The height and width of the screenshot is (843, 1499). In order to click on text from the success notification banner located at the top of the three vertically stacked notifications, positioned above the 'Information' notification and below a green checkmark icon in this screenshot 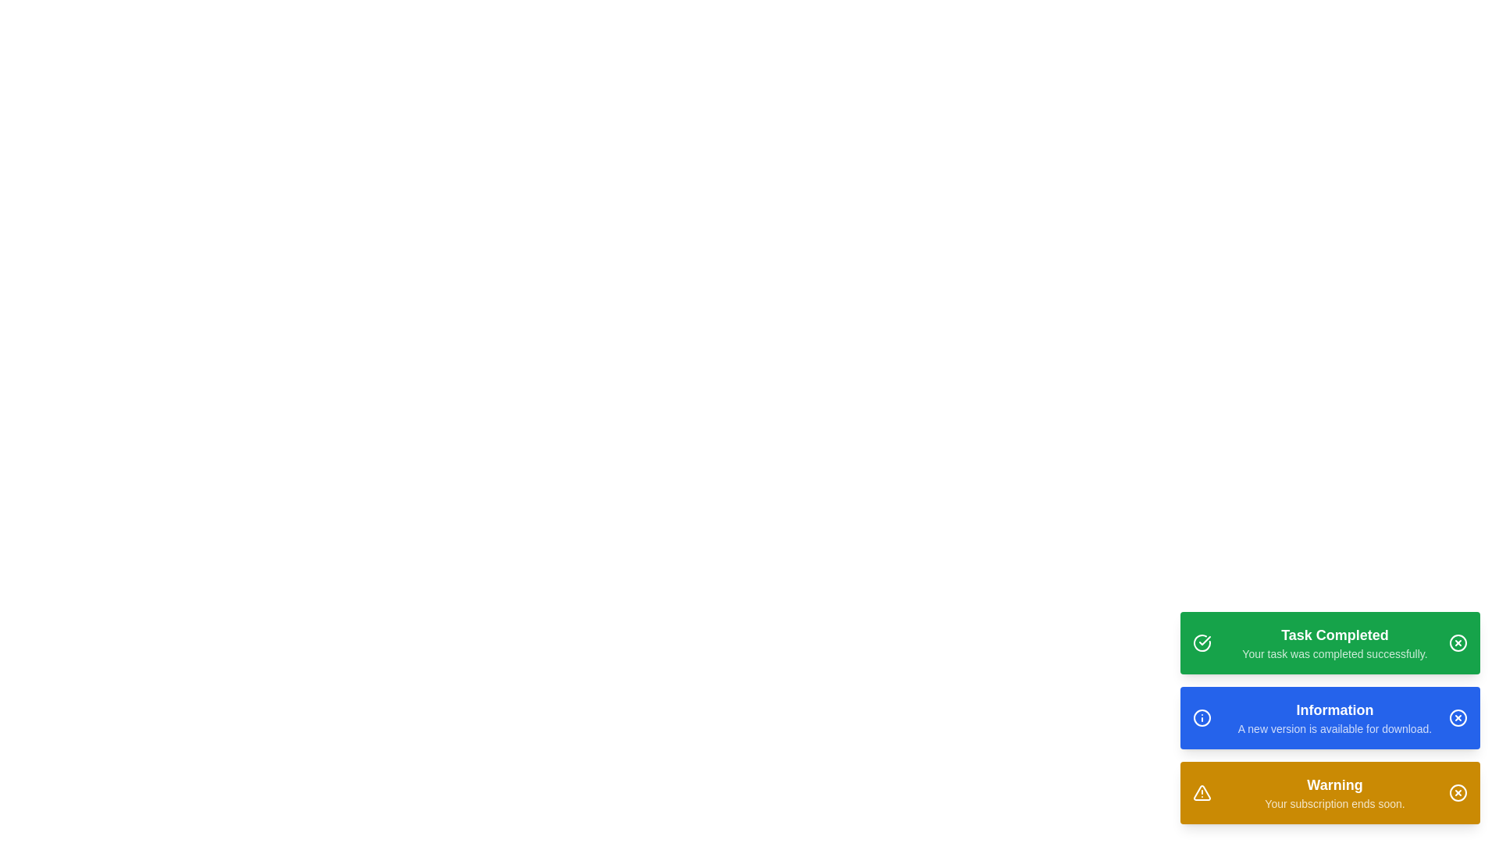, I will do `click(1333, 643)`.